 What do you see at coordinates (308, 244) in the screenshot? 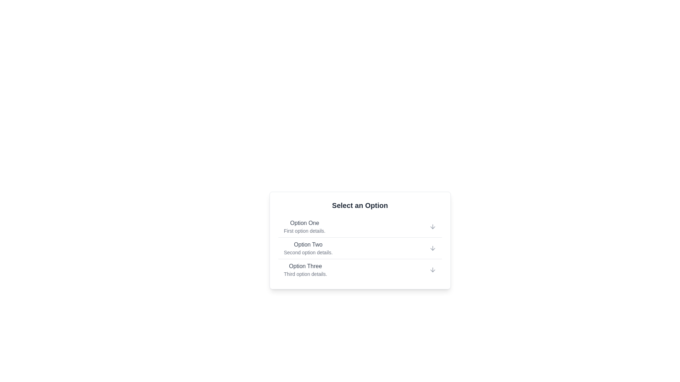
I see `the main label of the second selectable option, which is positioned above the text 'Second option details.' within the second option block` at bounding box center [308, 244].